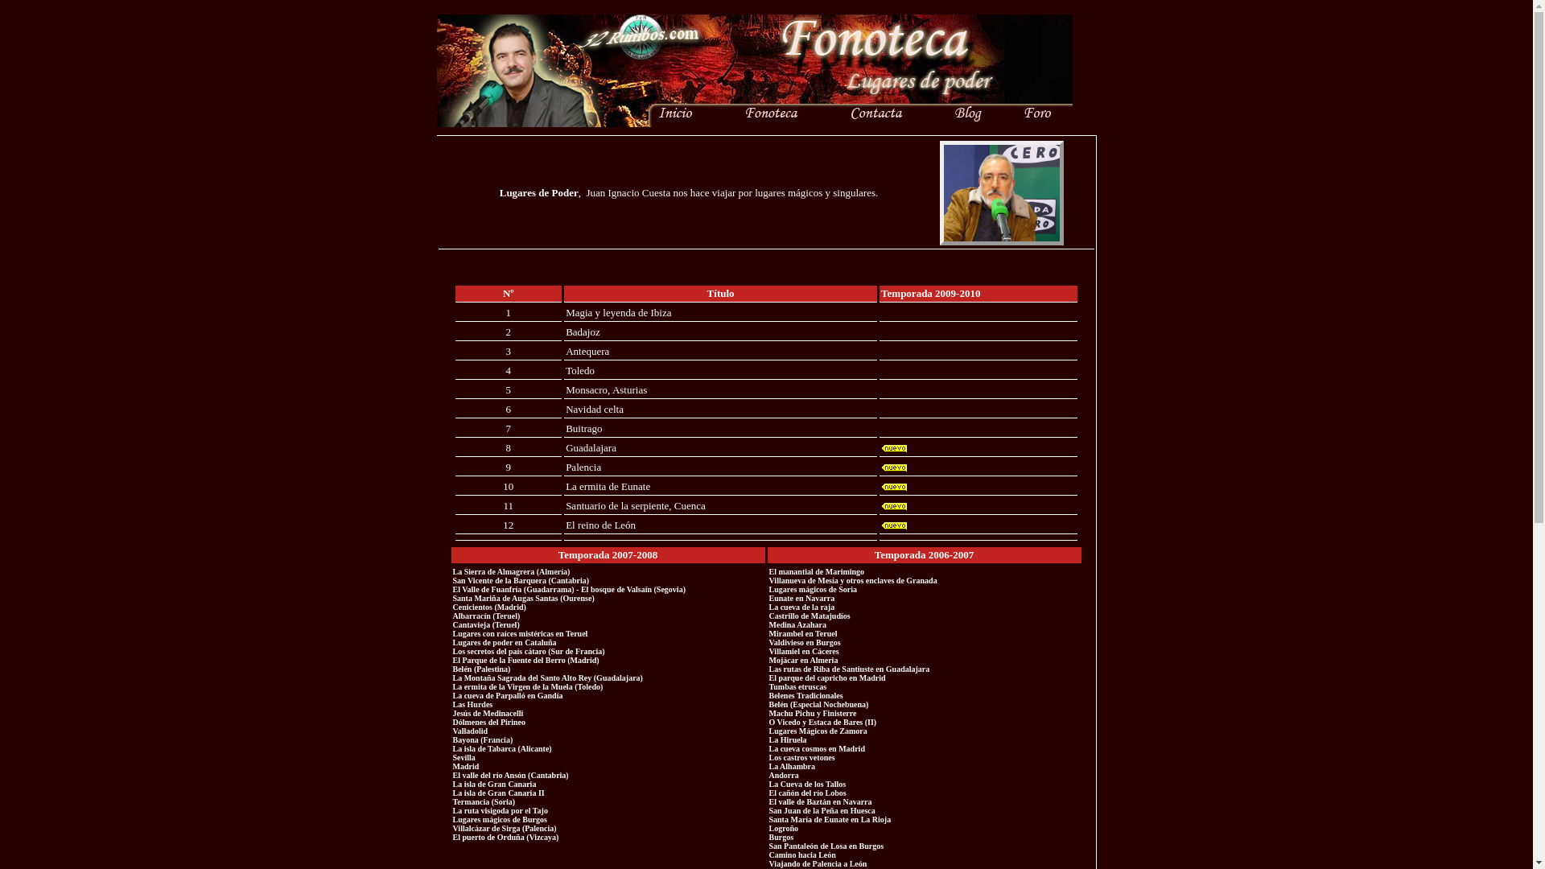 The width and height of the screenshot is (1545, 869). Describe the element at coordinates (529, 660) in the screenshot. I see `'El Parque de la Fuente del Berro (Madrid)   '` at that location.